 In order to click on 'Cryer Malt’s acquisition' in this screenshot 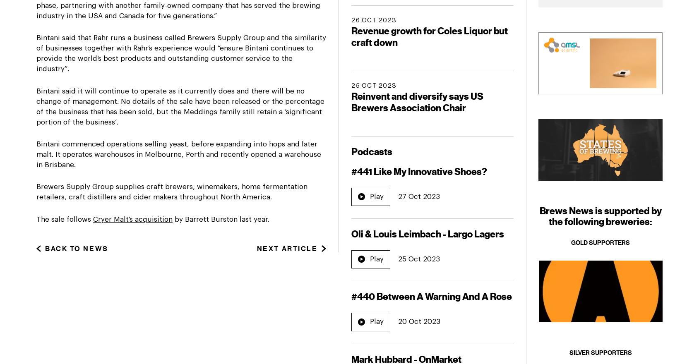, I will do `click(133, 218)`.